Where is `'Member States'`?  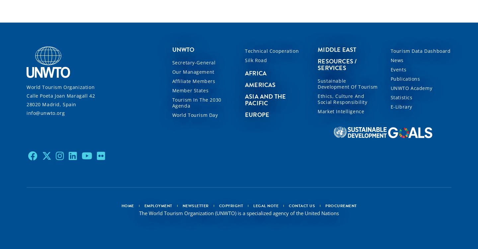 'Member States' is located at coordinates (190, 90).